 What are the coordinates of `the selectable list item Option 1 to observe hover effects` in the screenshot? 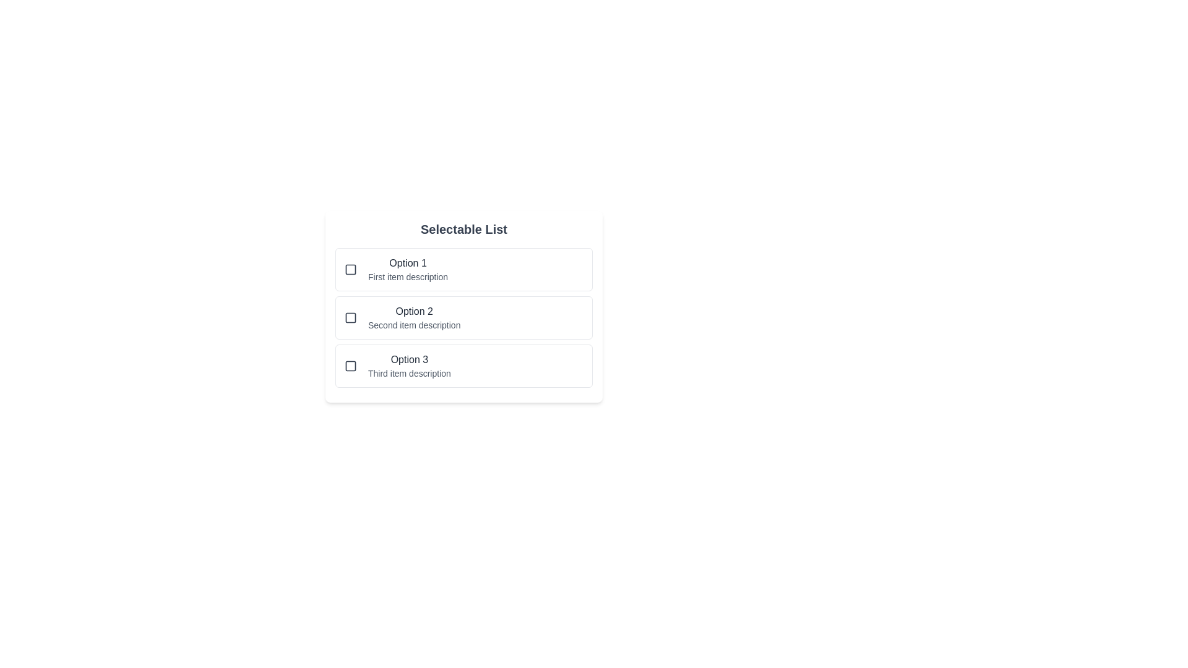 It's located at (463, 268).